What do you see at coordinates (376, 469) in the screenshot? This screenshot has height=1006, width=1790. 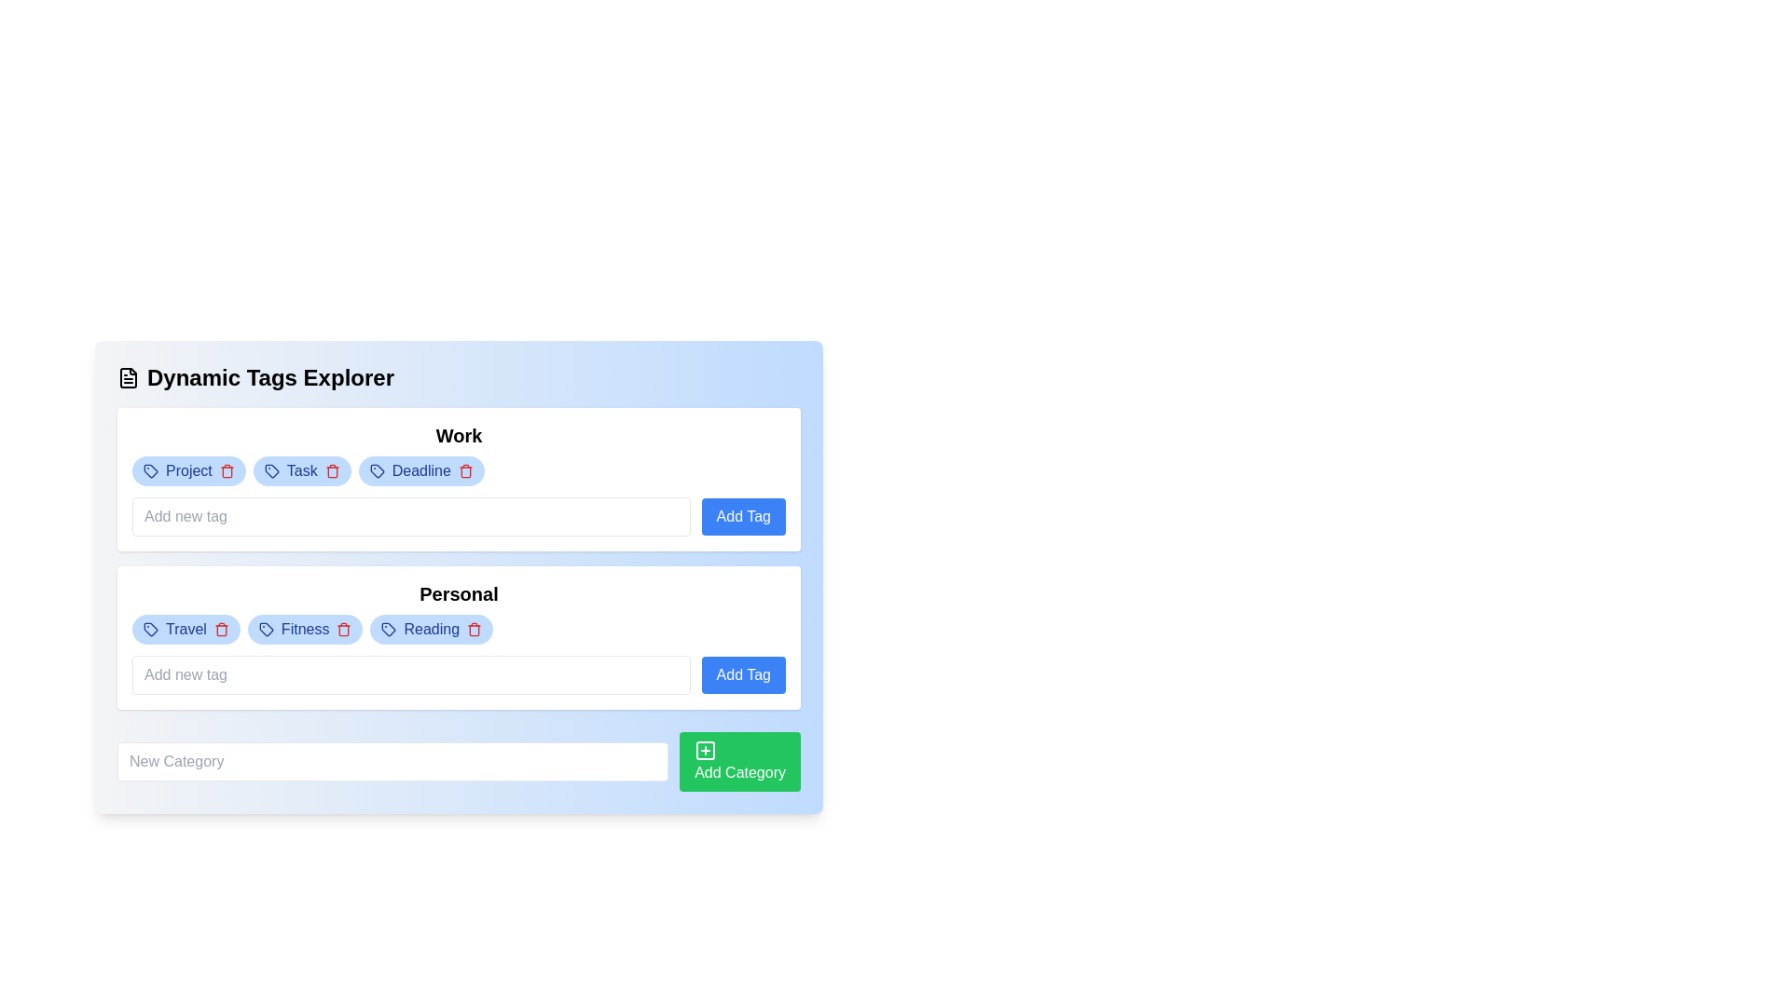 I see `the first icon associated with the 'Deadline' tag, which is located within the 'Work' category in the tags explorer layout` at bounding box center [376, 469].